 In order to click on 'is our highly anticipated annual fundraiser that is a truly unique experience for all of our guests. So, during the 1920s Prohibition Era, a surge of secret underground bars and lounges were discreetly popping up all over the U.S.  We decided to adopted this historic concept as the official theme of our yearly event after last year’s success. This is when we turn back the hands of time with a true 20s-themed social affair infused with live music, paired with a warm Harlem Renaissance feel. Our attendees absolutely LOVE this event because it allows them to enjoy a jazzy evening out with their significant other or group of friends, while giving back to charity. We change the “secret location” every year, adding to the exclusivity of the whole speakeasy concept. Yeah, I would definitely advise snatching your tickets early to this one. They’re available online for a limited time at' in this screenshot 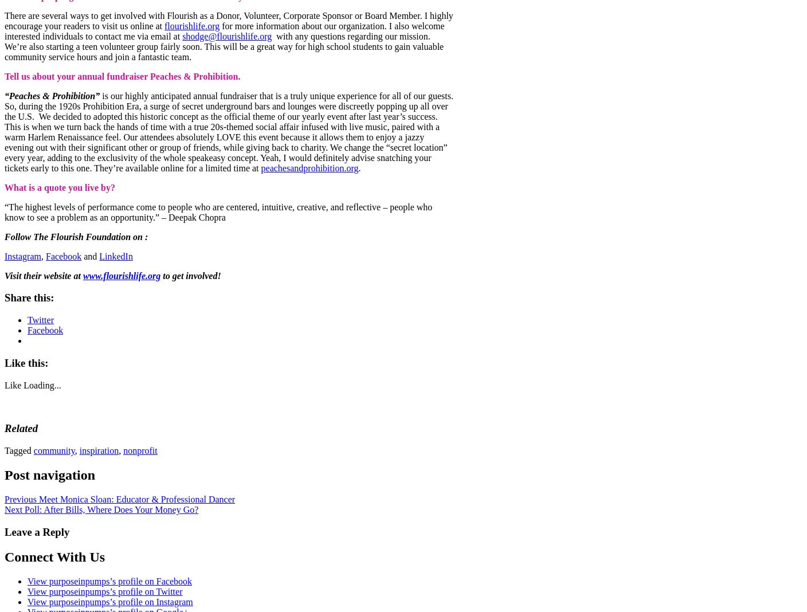, I will do `click(228, 131)`.